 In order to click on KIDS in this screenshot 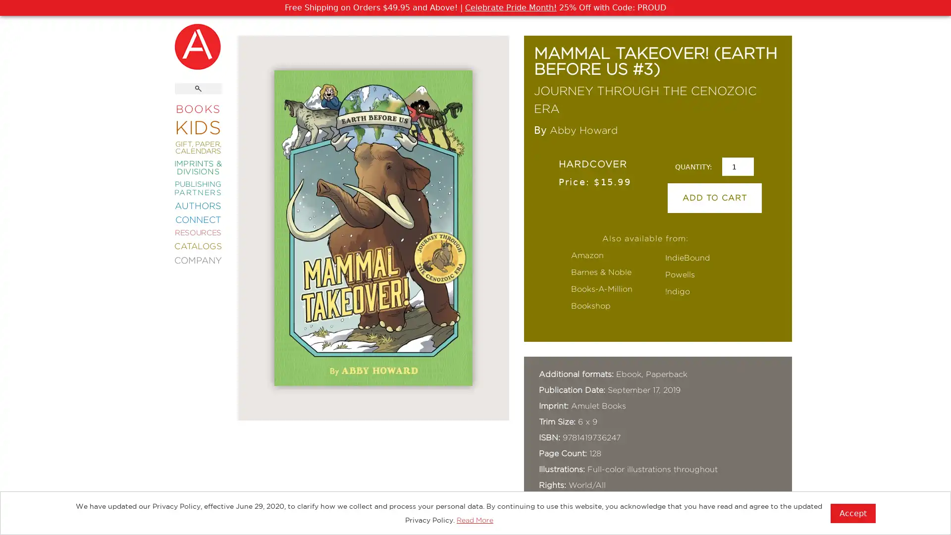, I will do `click(198, 126)`.